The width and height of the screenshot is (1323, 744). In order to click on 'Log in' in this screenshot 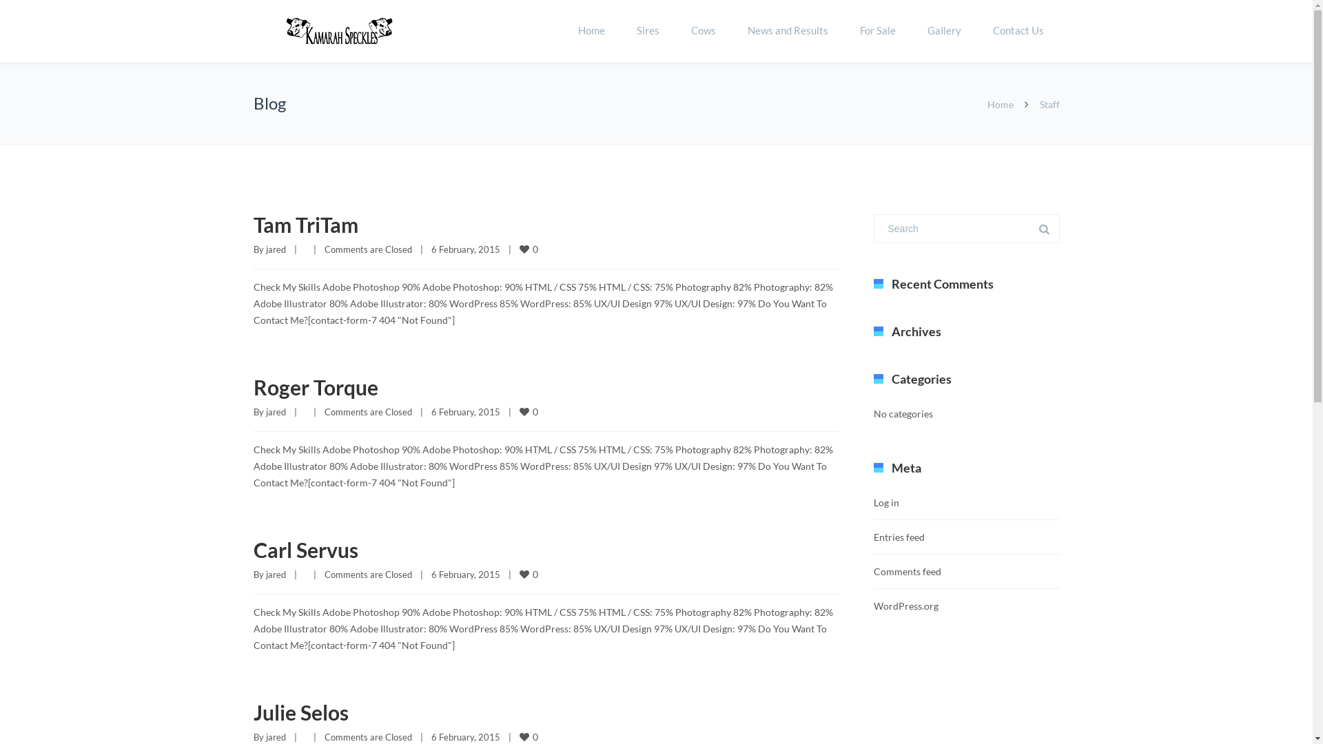, I will do `click(872, 502)`.